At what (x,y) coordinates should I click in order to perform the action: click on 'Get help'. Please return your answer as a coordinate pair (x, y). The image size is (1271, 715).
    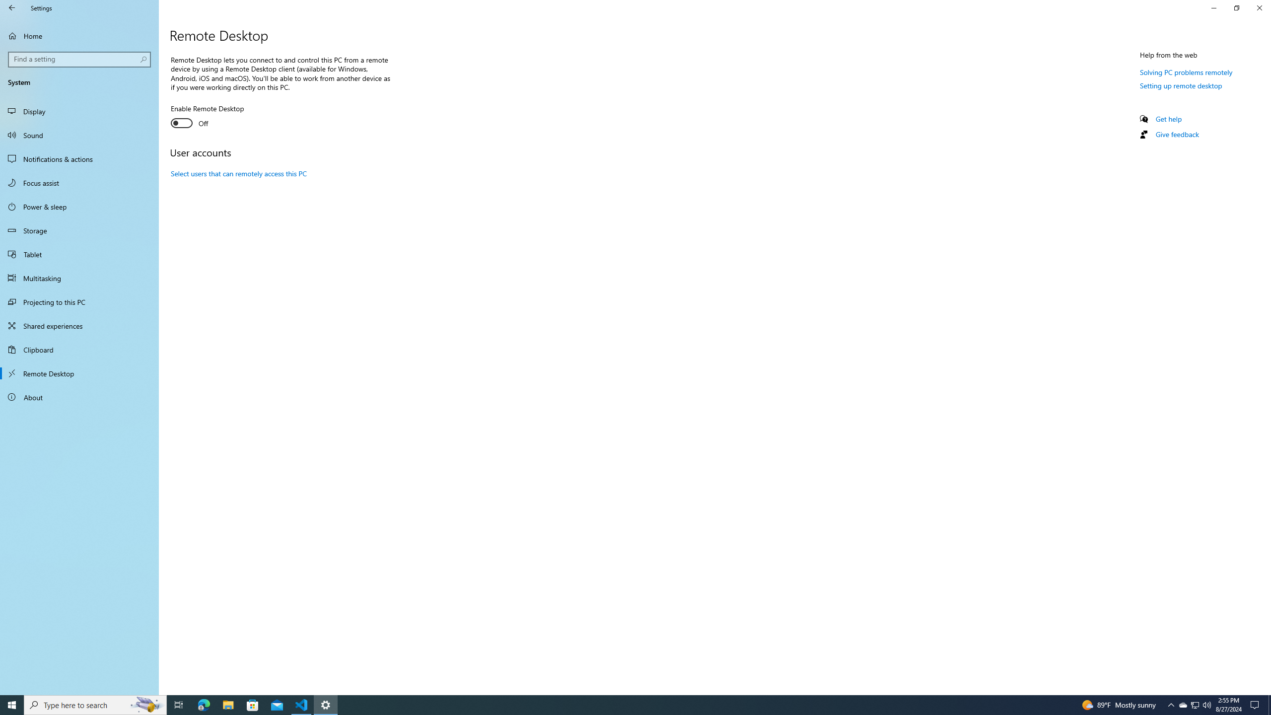
    Looking at the image, I should click on (1168, 118).